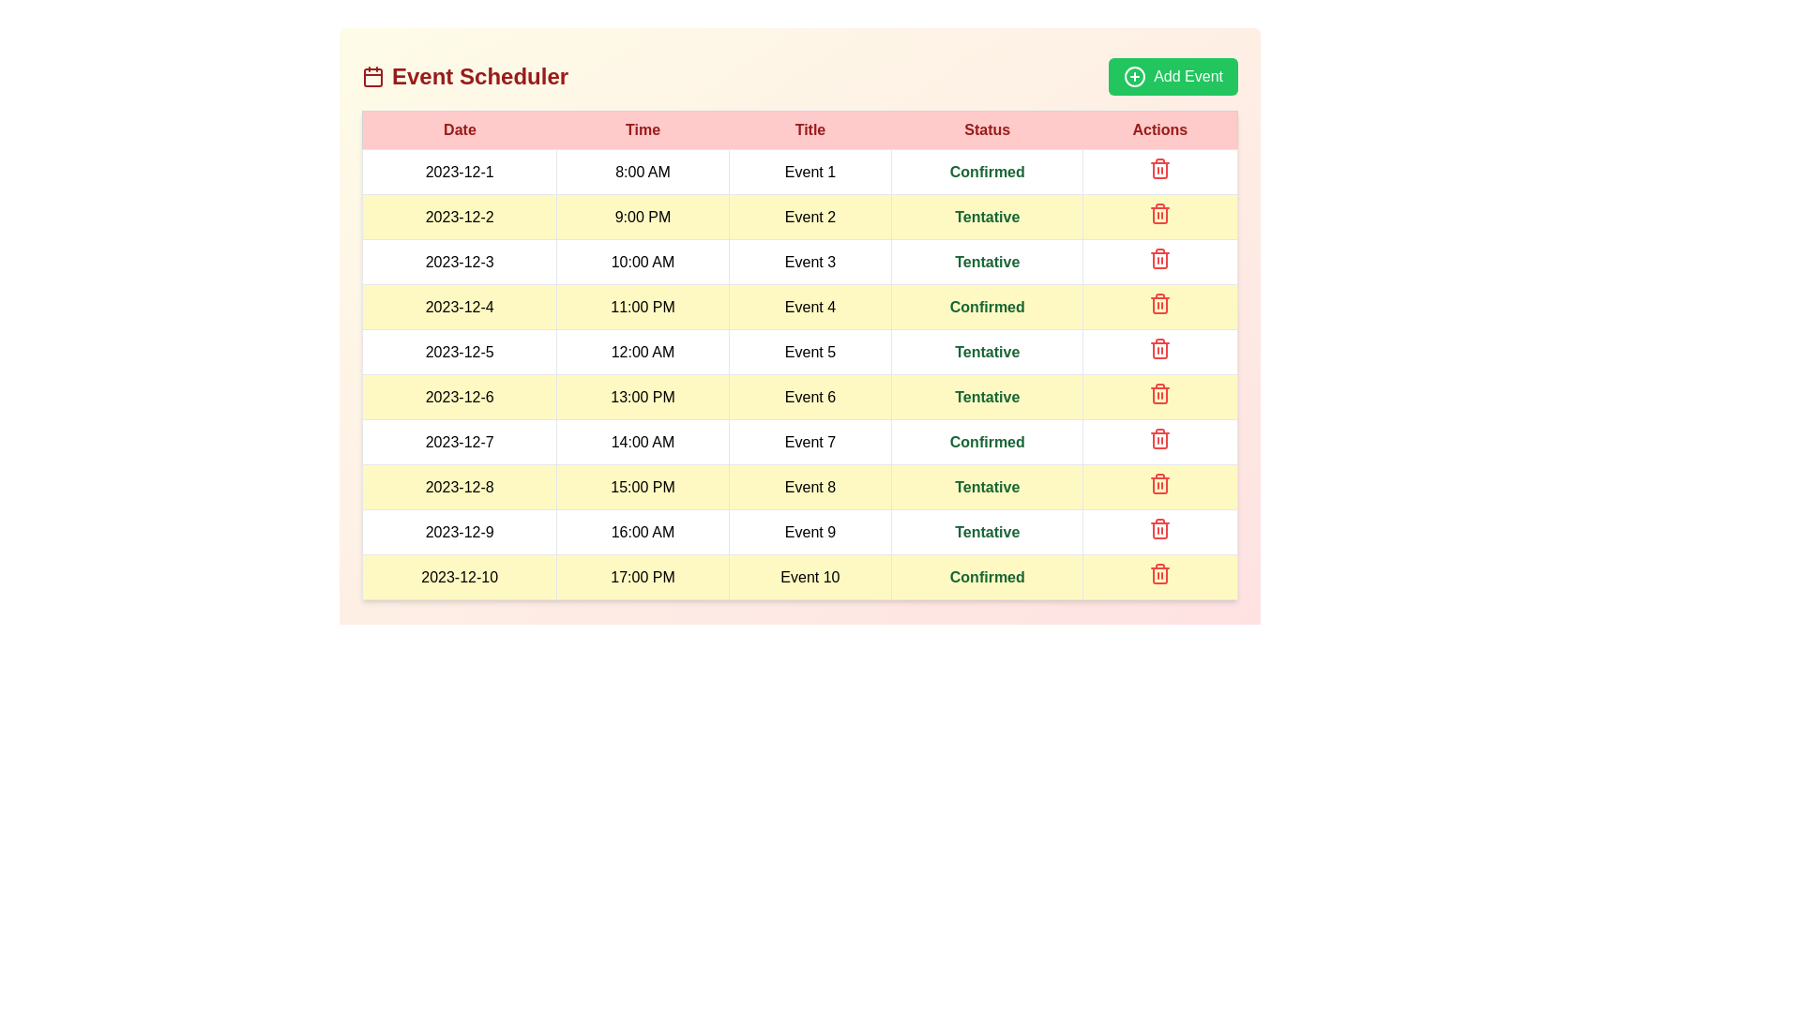 The height and width of the screenshot is (1013, 1801). Describe the element at coordinates (1173, 75) in the screenshot. I see `'Add Event' button to initiate the process of adding a new event` at that location.